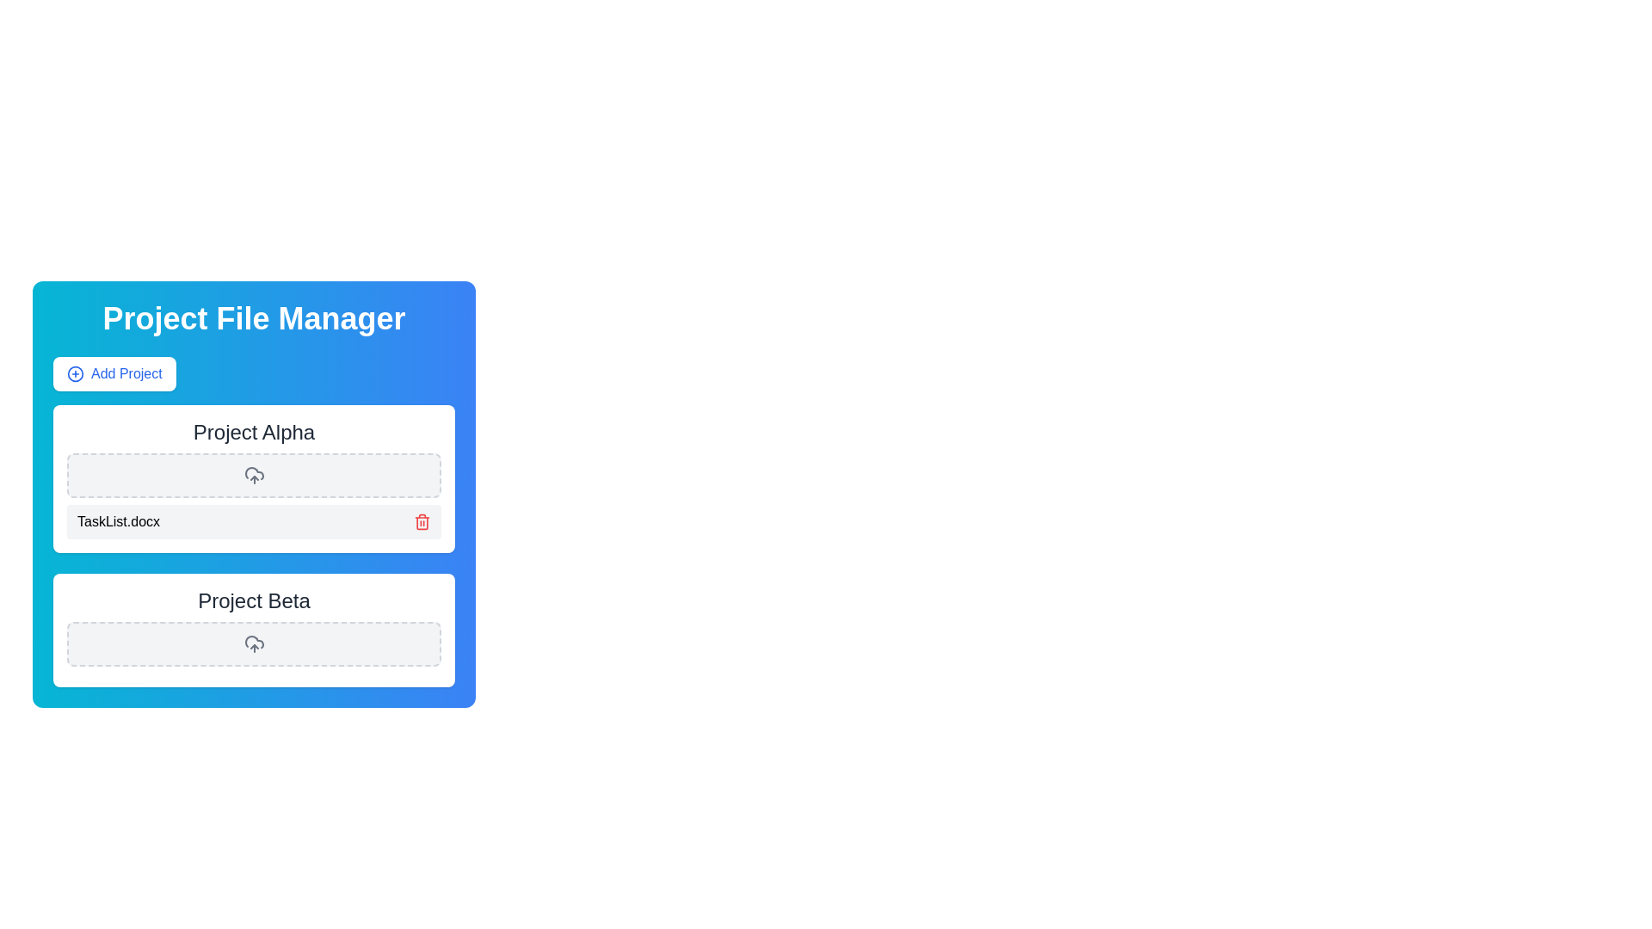  I want to click on the cloud upload icon located in the 'Project Beta' section, so click(253, 643).